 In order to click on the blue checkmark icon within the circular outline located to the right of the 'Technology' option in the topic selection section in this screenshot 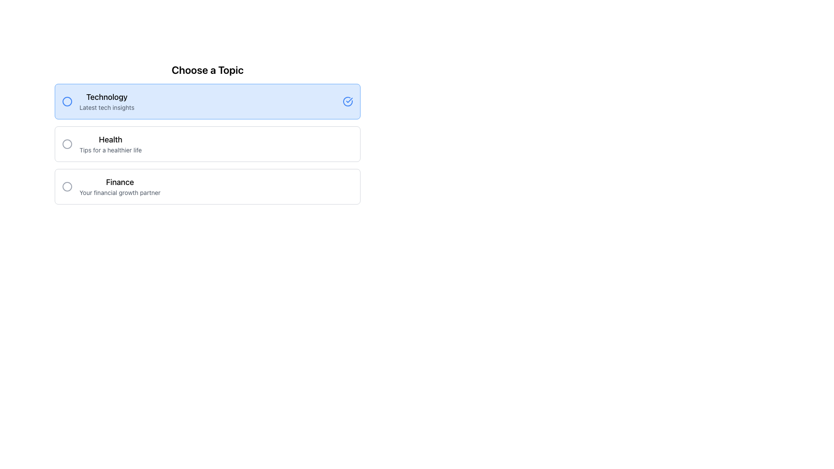, I will do `click(349, 100)`.